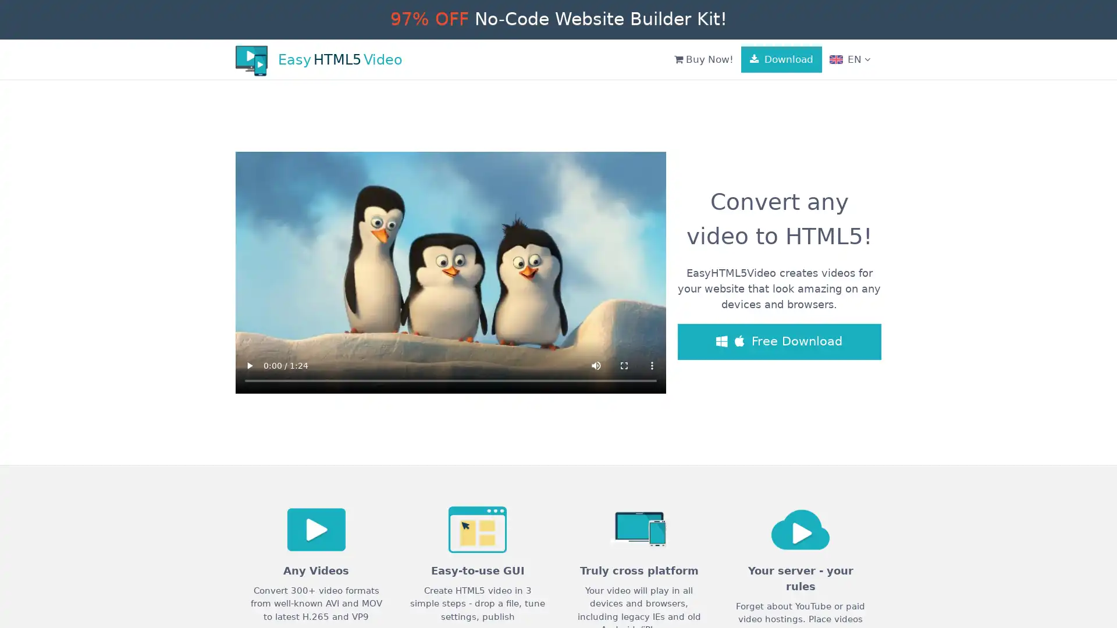  I want to click on mute, so click(596, 365).